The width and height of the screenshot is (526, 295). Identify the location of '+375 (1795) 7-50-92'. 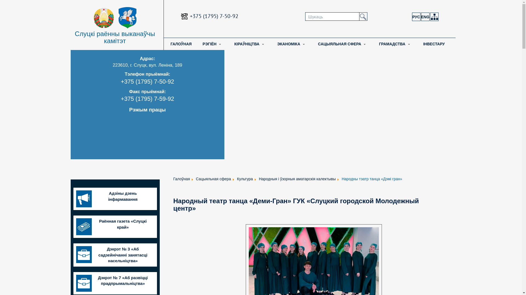
(214, 16).